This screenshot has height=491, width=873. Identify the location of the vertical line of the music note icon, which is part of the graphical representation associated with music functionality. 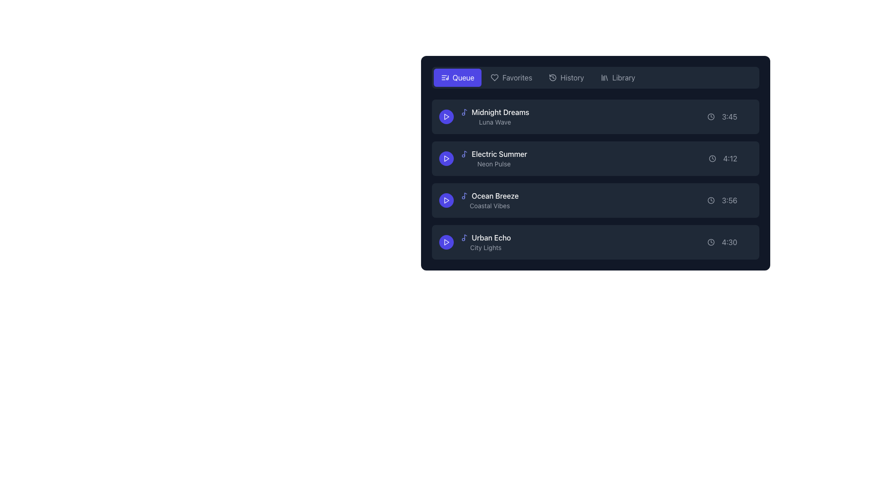
(465, 153).